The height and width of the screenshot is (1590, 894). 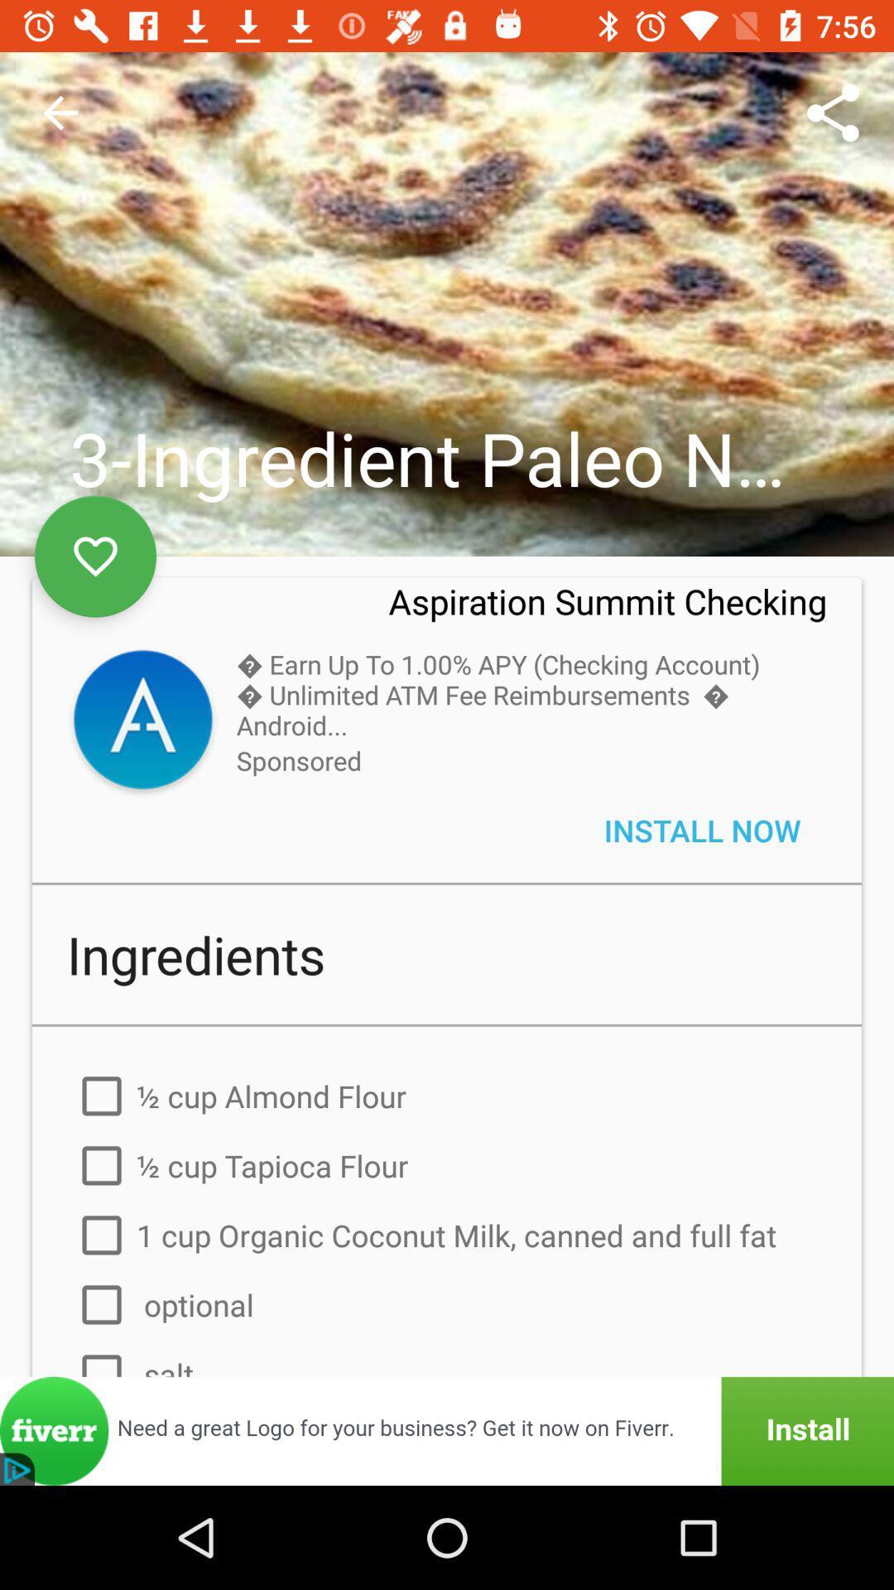 I want to click on the checking button, so click(x=142, y=722).